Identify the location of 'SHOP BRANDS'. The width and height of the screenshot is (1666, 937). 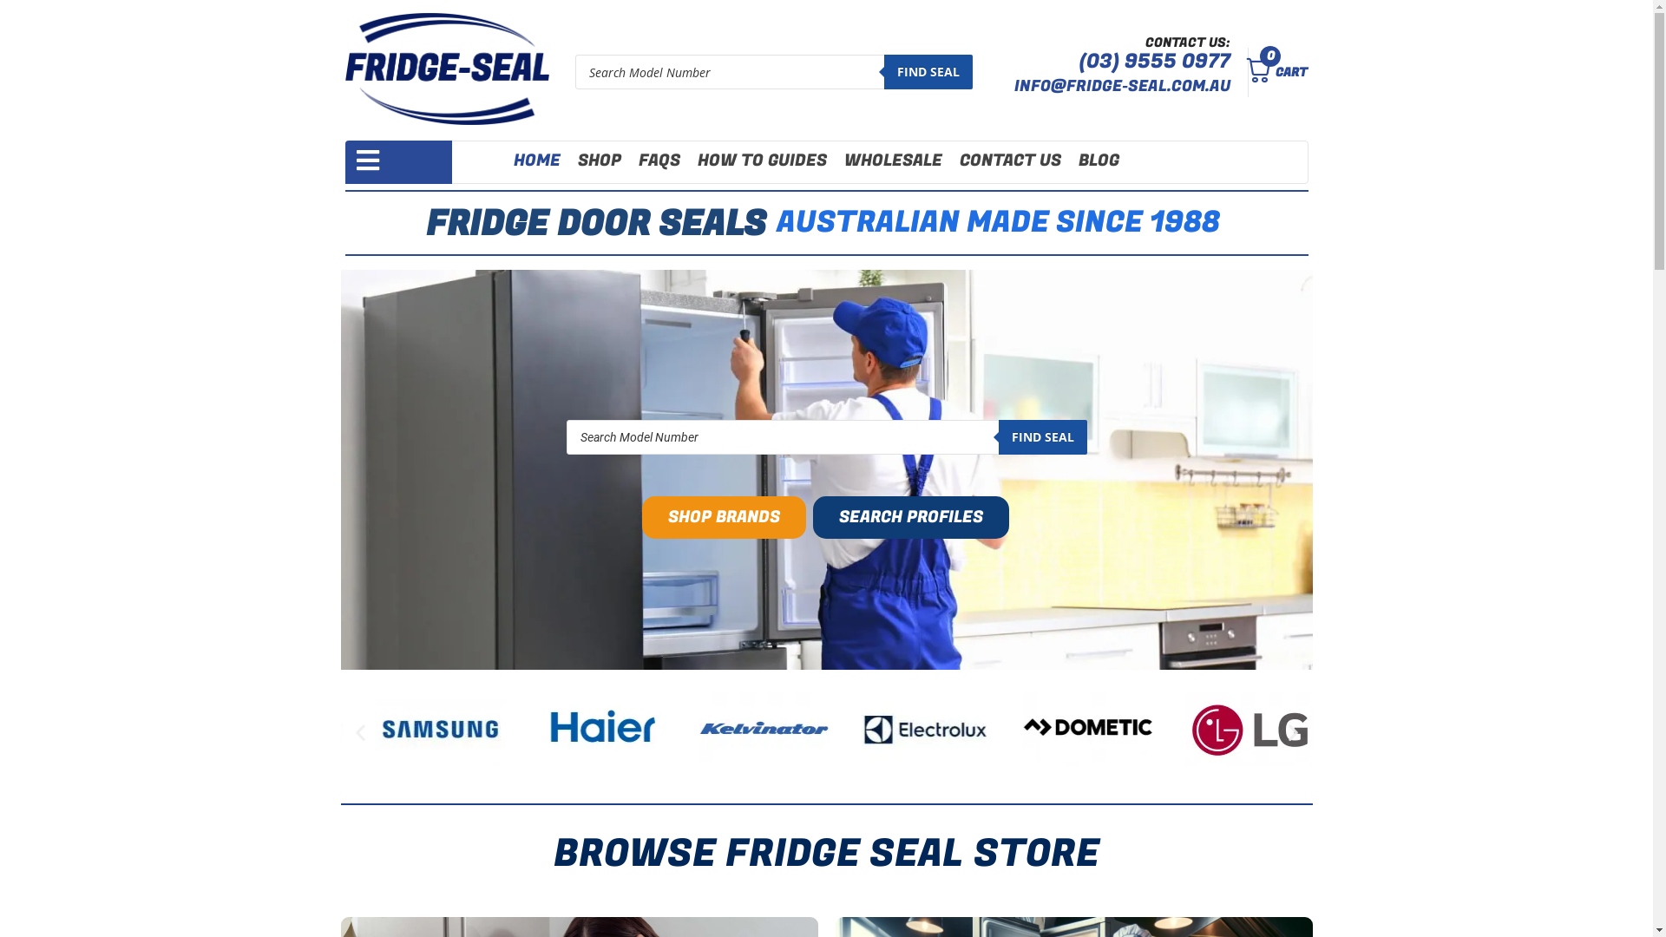
(724, 516).